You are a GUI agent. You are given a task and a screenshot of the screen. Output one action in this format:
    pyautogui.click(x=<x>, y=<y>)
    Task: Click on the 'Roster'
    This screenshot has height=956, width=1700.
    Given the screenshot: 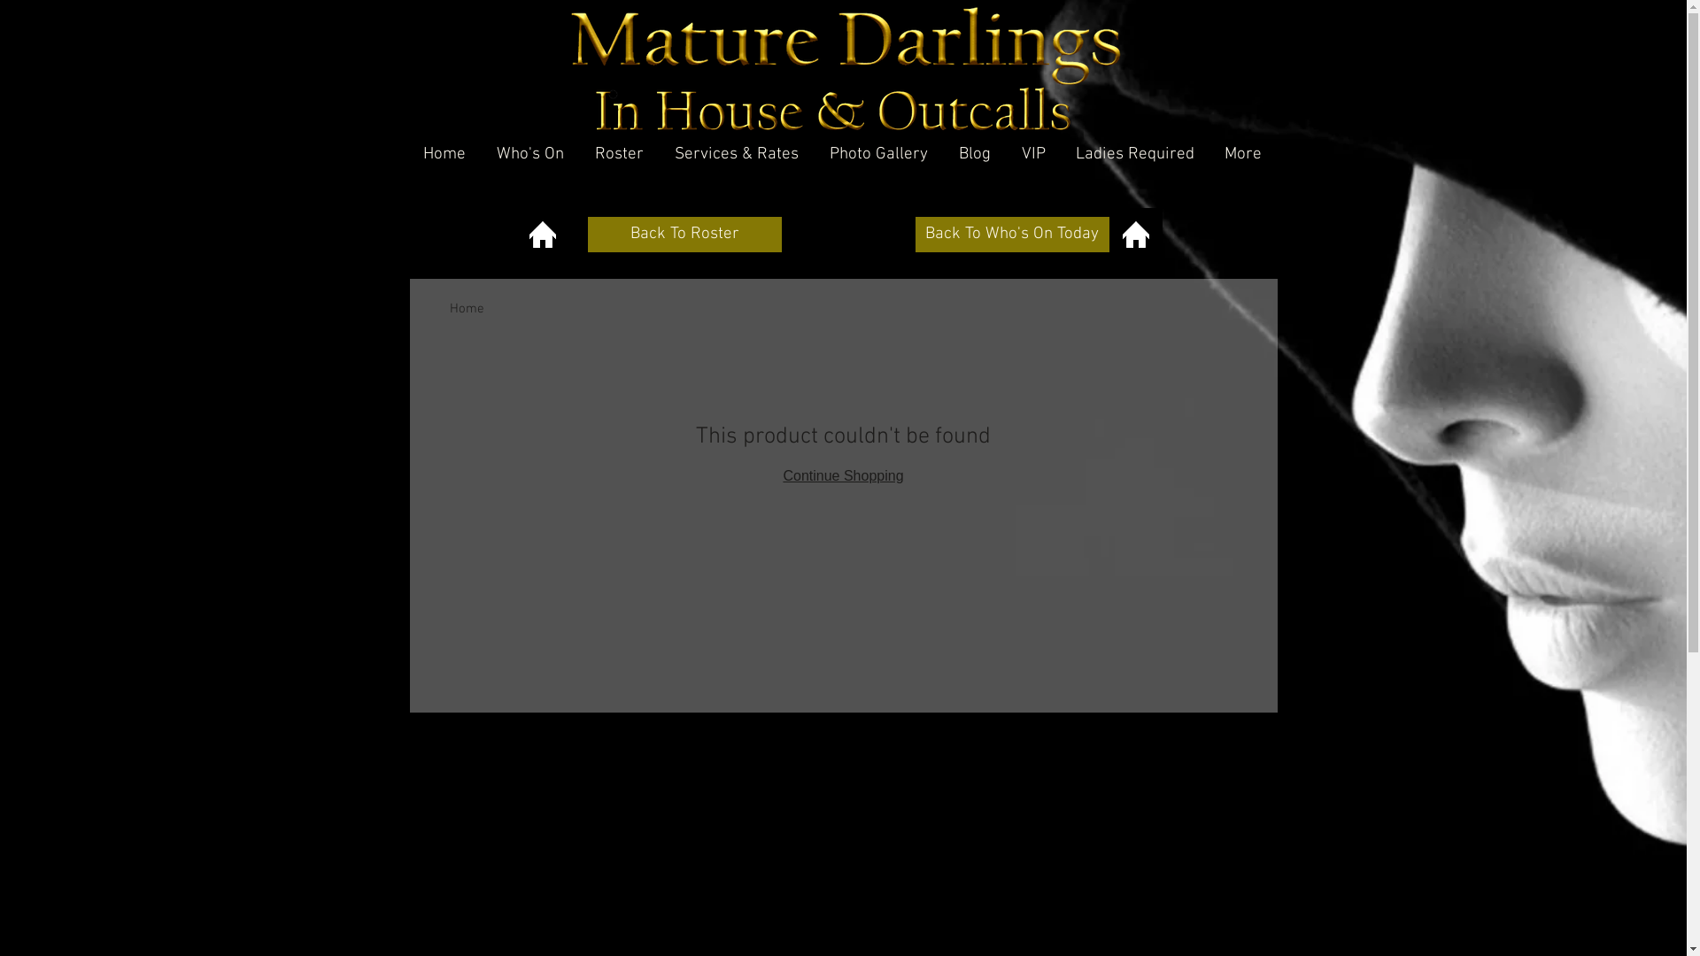 What is the action you would take?
    pyautogui.click(x=620, y=153)
    